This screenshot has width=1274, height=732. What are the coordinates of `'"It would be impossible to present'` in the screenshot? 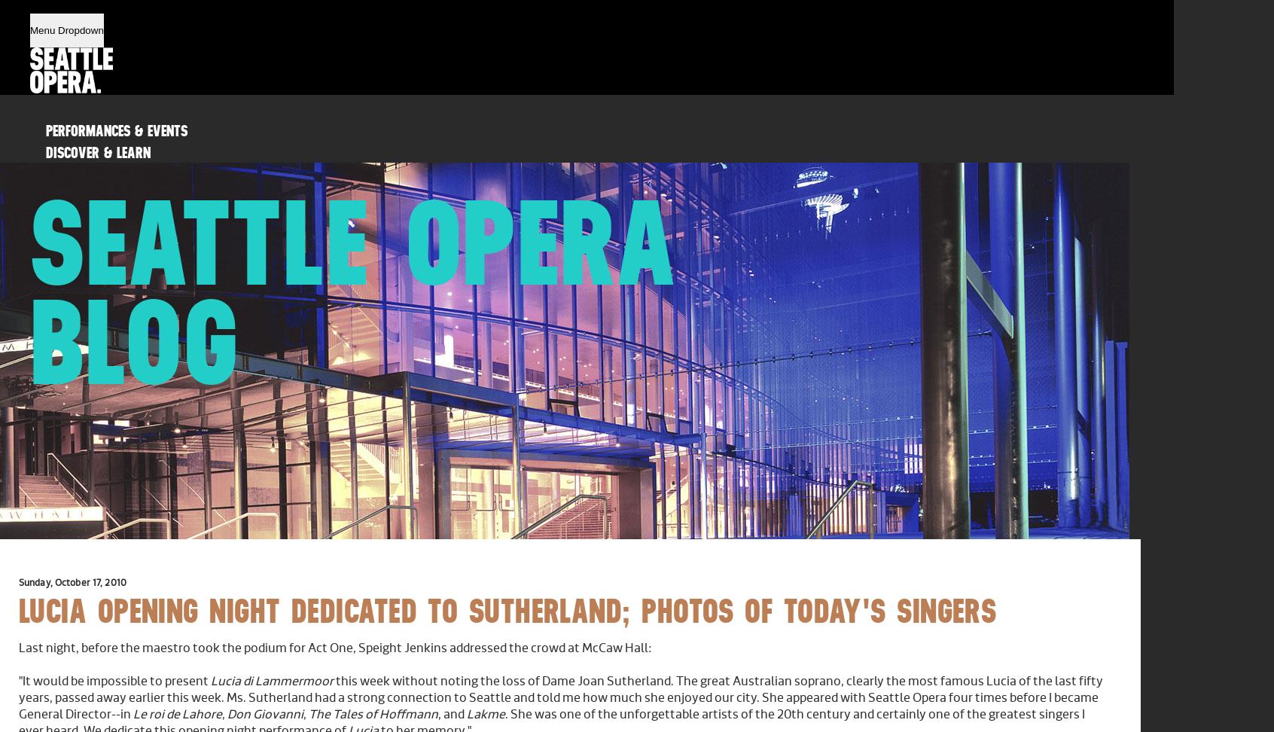 It's located at (114, 682).